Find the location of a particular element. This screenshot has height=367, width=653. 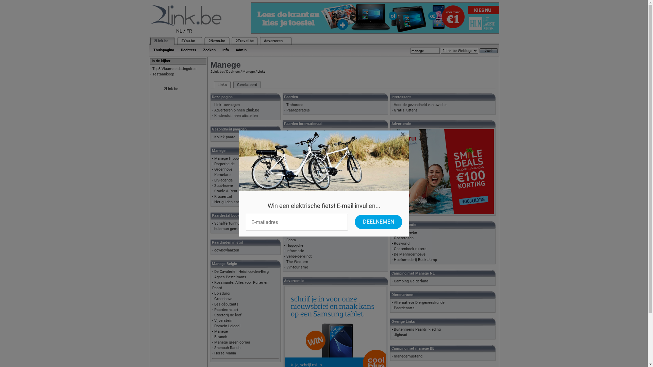

'Tmhorses' is located at coordinates (295, 105).